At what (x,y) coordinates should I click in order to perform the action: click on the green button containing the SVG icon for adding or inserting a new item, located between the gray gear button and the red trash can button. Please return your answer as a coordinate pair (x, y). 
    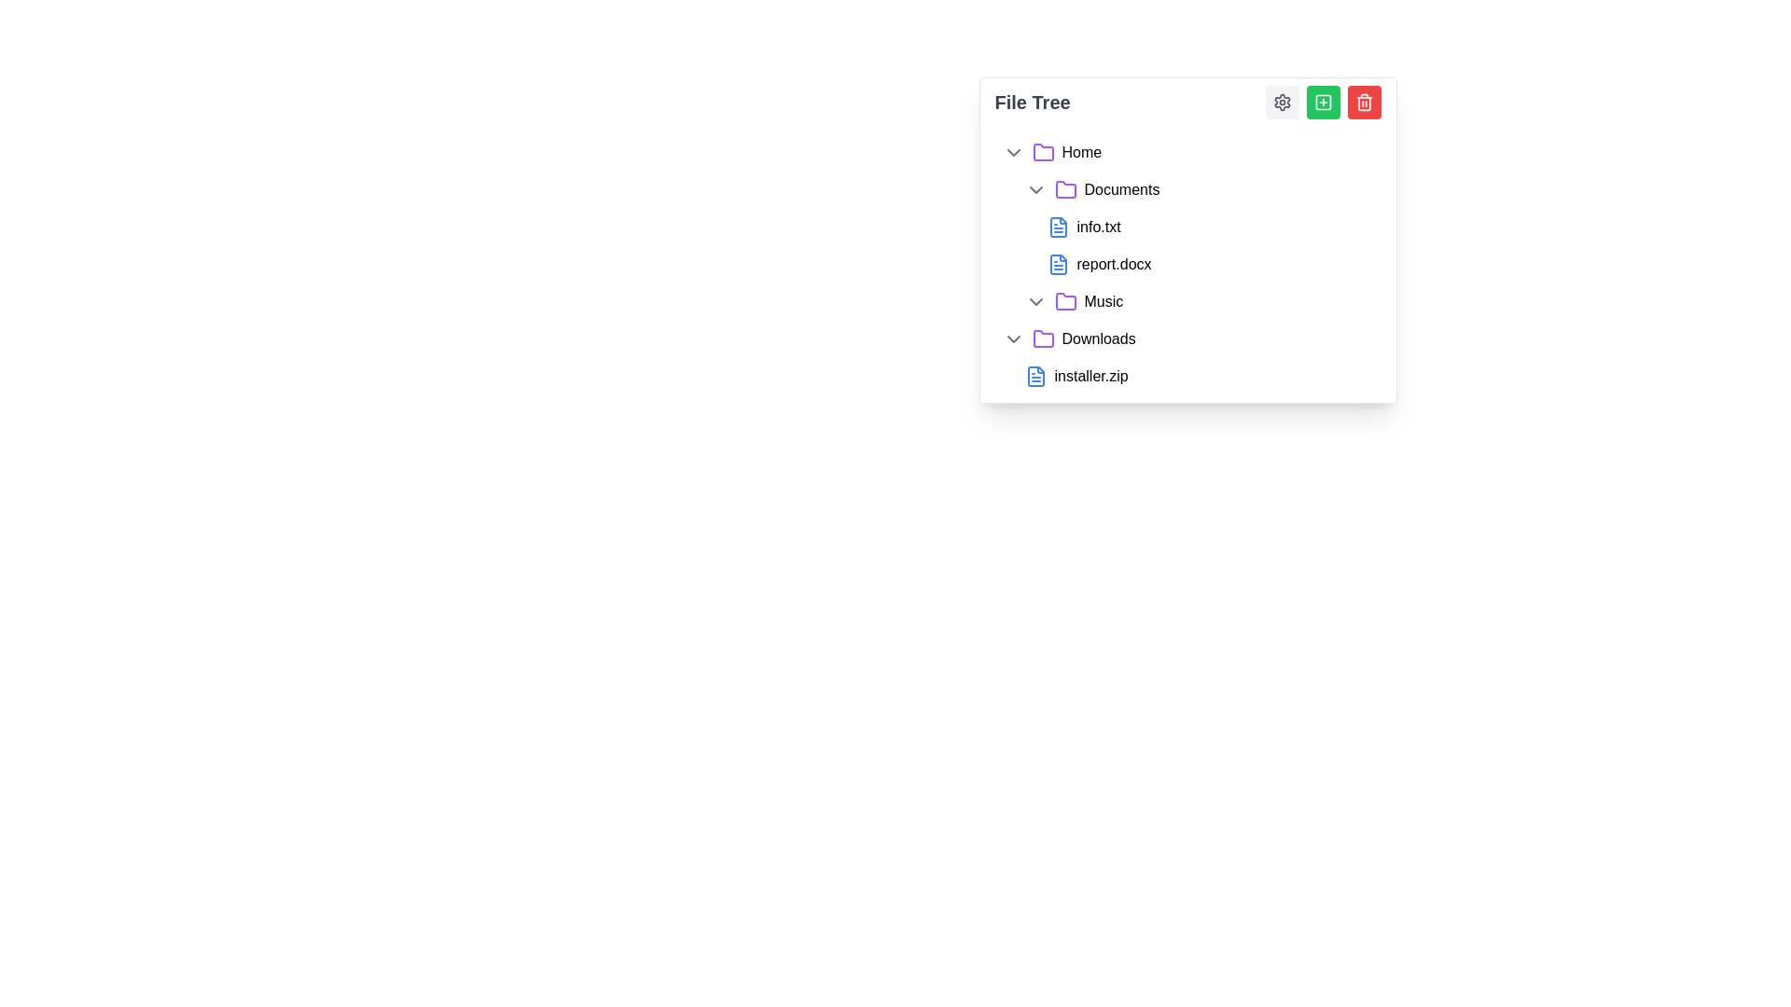
    Looking at the image, I should click on (1322, 103).